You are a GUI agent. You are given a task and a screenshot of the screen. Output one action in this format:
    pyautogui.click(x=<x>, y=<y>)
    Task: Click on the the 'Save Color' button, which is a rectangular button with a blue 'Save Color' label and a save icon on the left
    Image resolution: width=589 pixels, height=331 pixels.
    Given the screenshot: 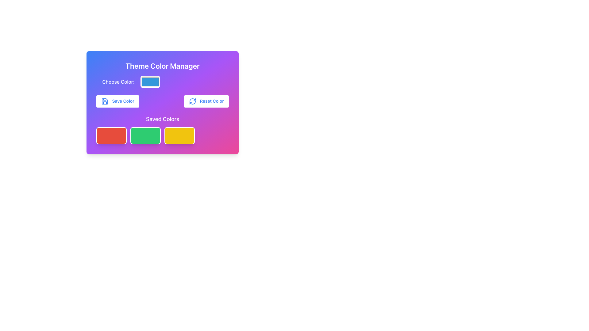 What is the action you would take?
    pyautogui.click(x=118, y=101)
    